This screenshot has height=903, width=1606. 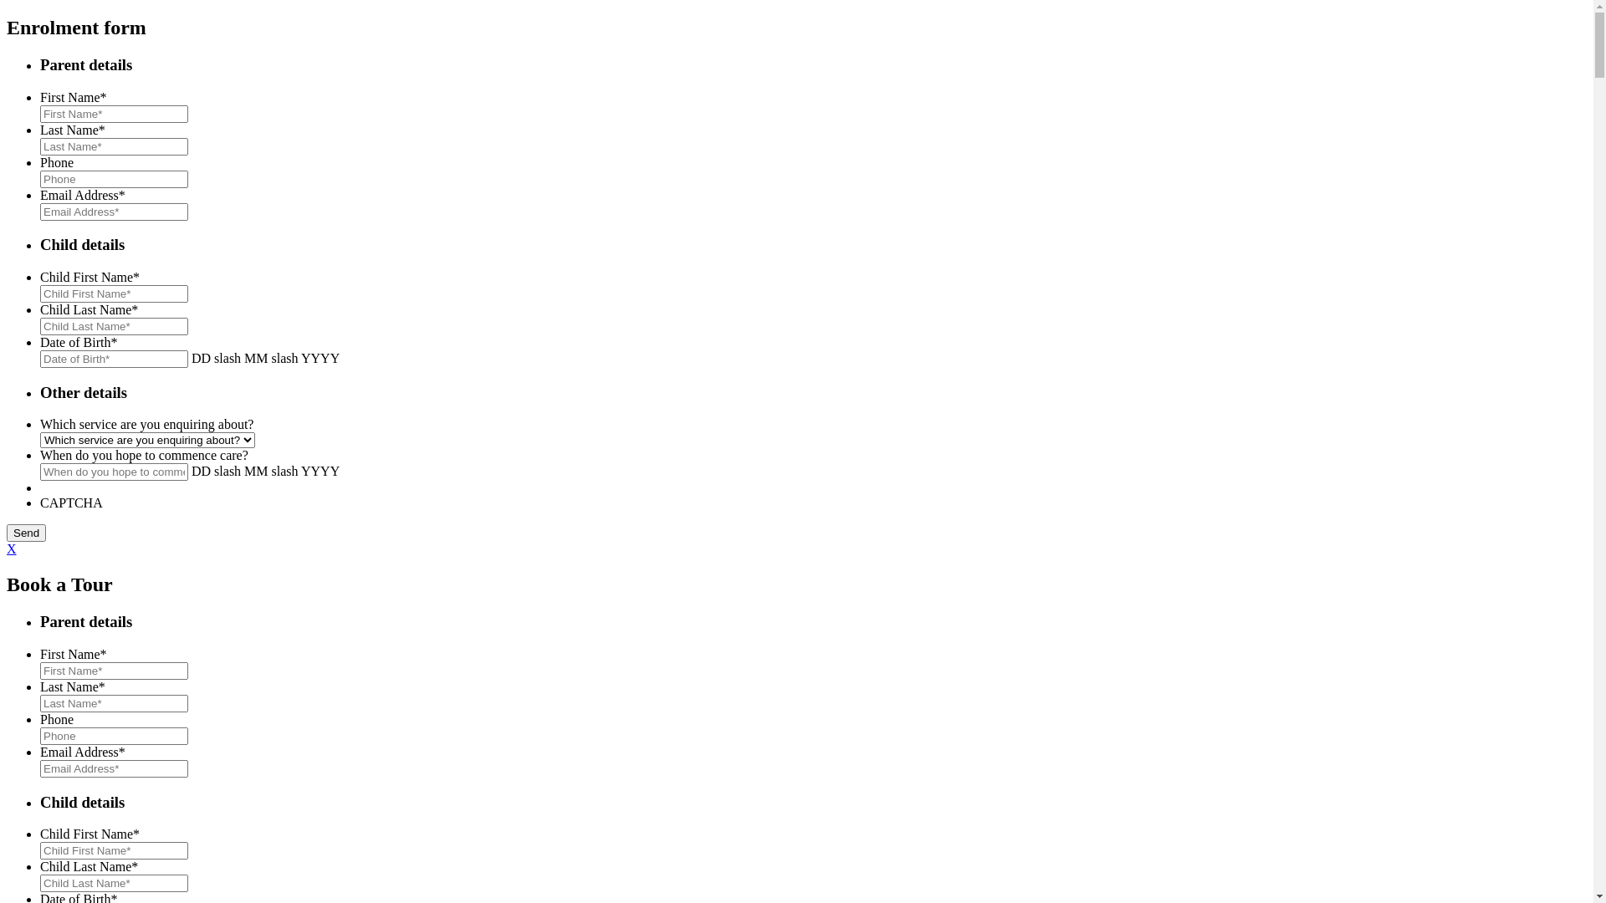 I want to click on 'Send', so click(x=26, y=533).